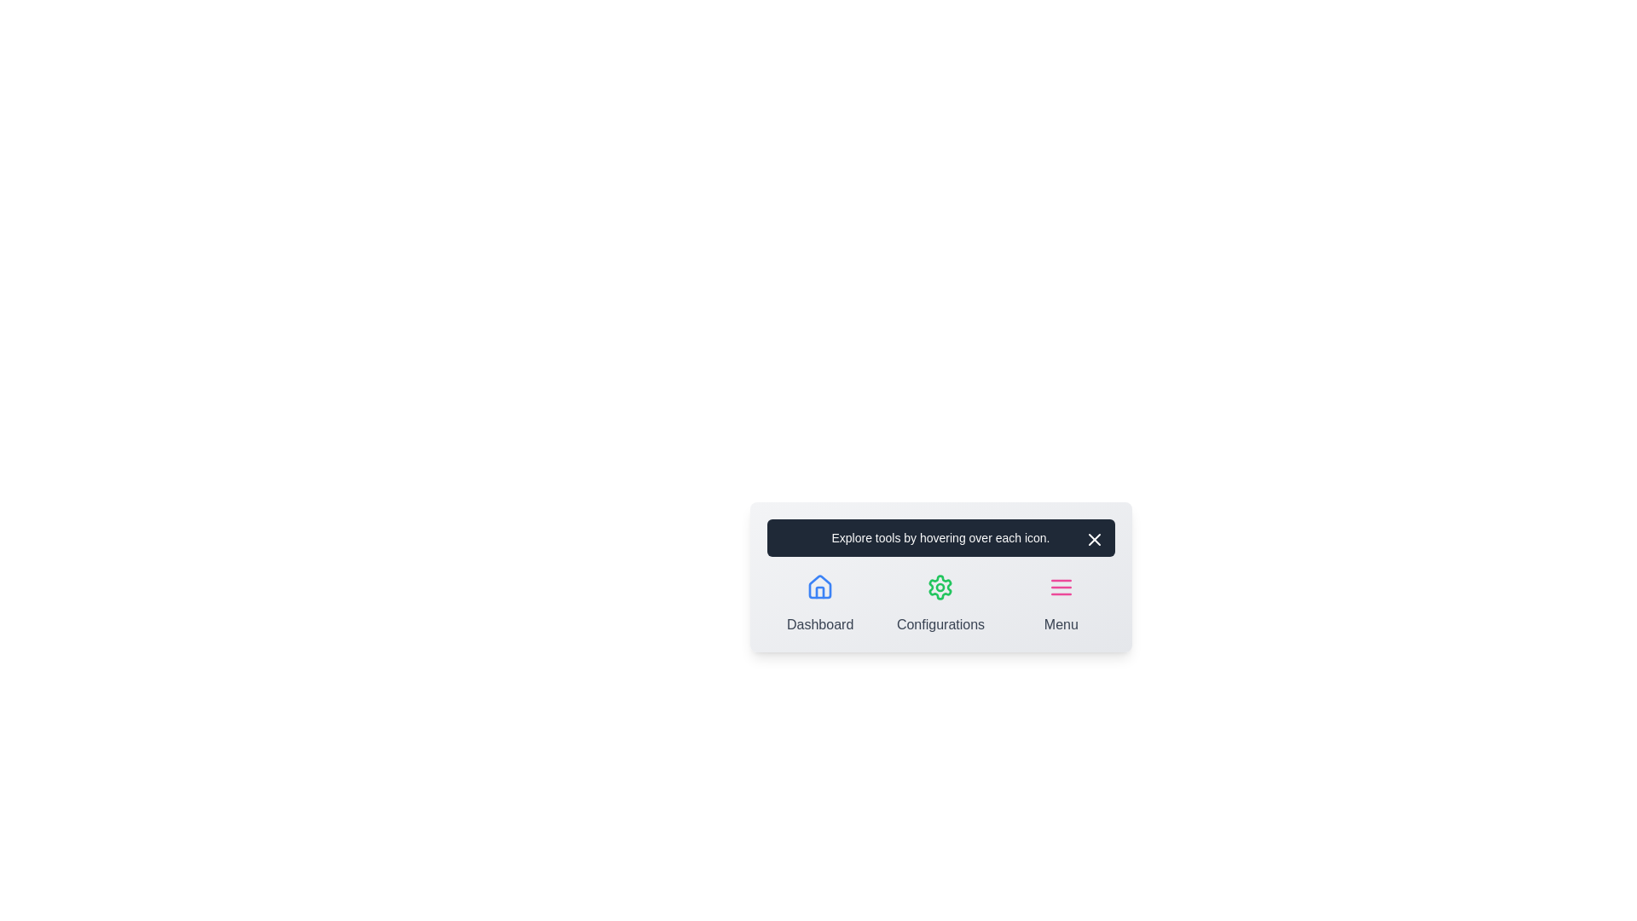 This screenshot has width=1637, height=921. What do you see at coordinates (940, 600) in the screenshot?
I see `the 'Configurations' interactive selection element, which features a green gear icon and is the second item in a horizontal row of three items in a grid layout` at bounding box center [940, 600].